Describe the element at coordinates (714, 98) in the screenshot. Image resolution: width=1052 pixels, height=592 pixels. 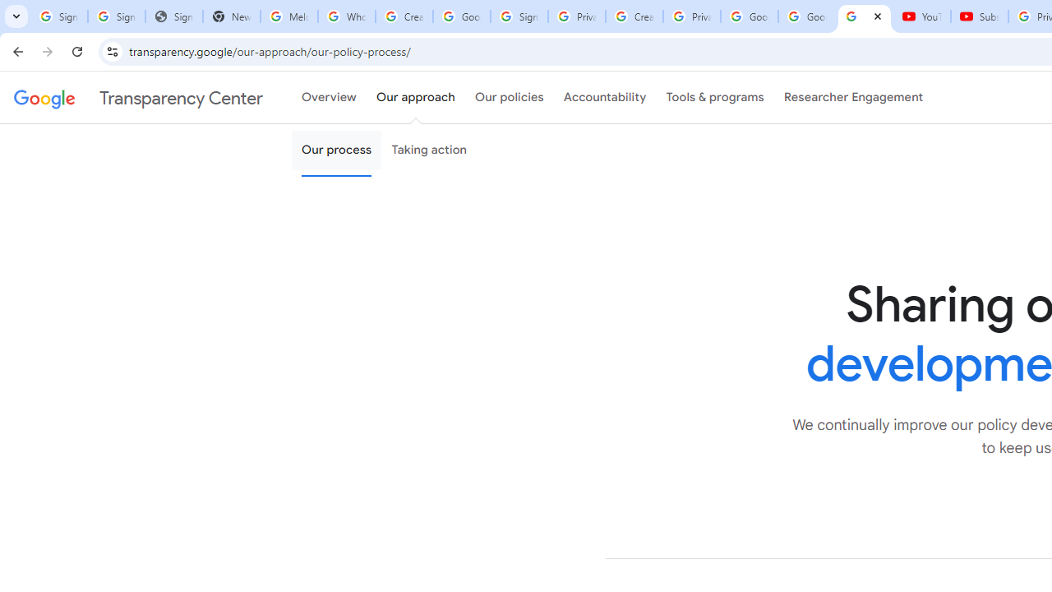
I see `'Tools & programs'` at that location.